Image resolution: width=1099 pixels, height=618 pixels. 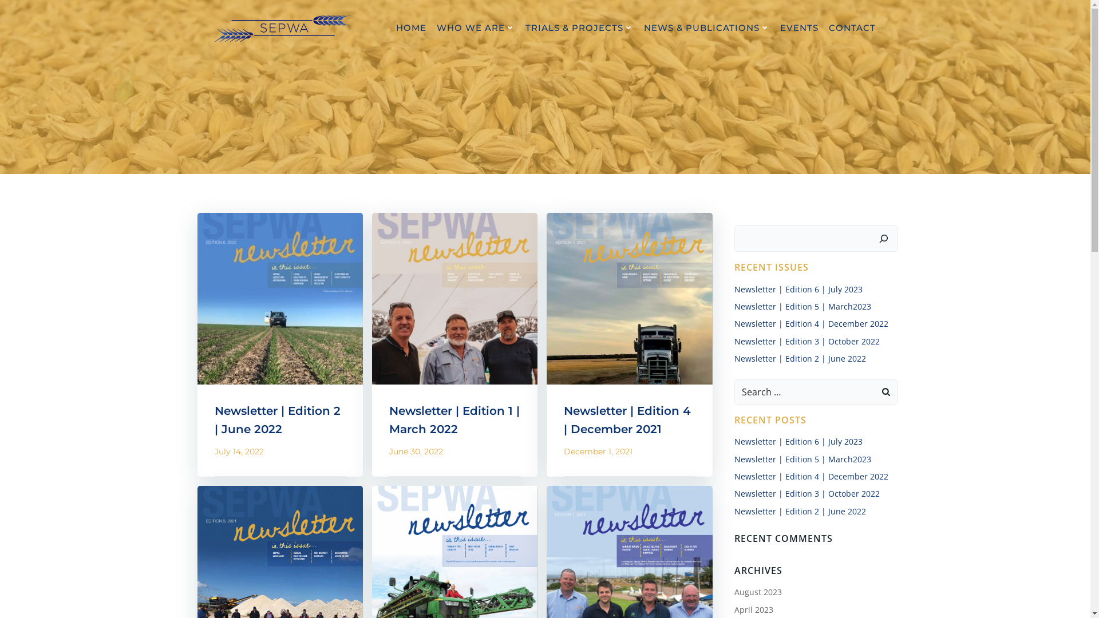 What do you see at coordinates (475, 27) in the screenshot?
I see `'WHO WE ARE'` at bounding box center [475, 27].